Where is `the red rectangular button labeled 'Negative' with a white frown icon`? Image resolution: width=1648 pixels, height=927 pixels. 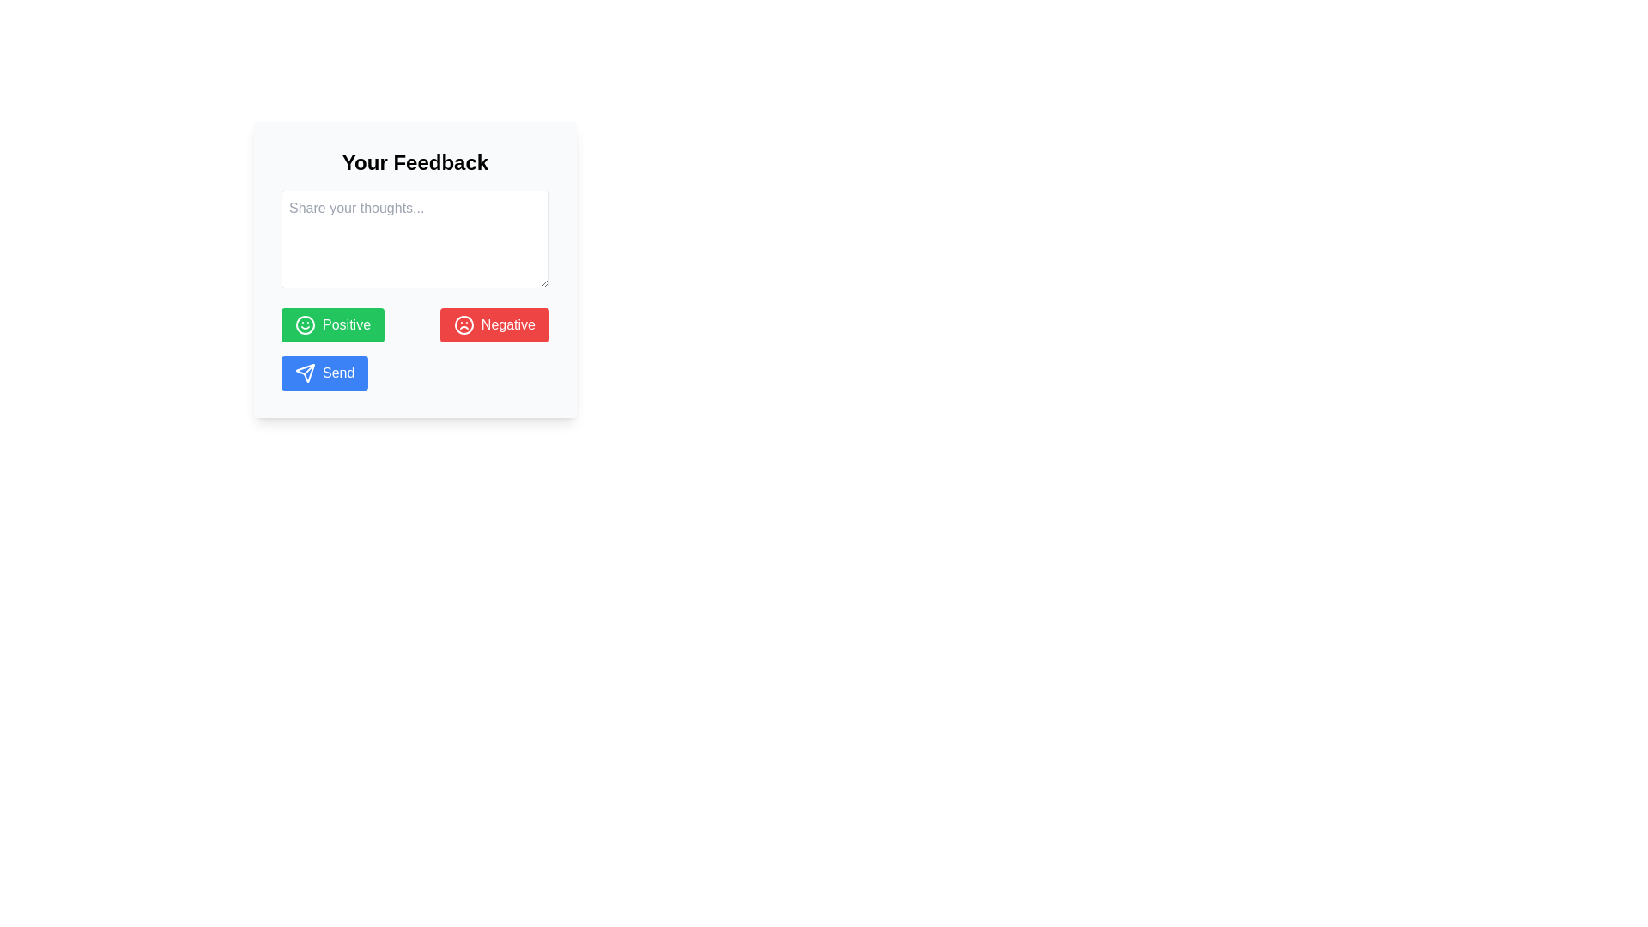
the red rectangular button labeled 'Negative' with a white frown icon is located at coordinates (494, 324).